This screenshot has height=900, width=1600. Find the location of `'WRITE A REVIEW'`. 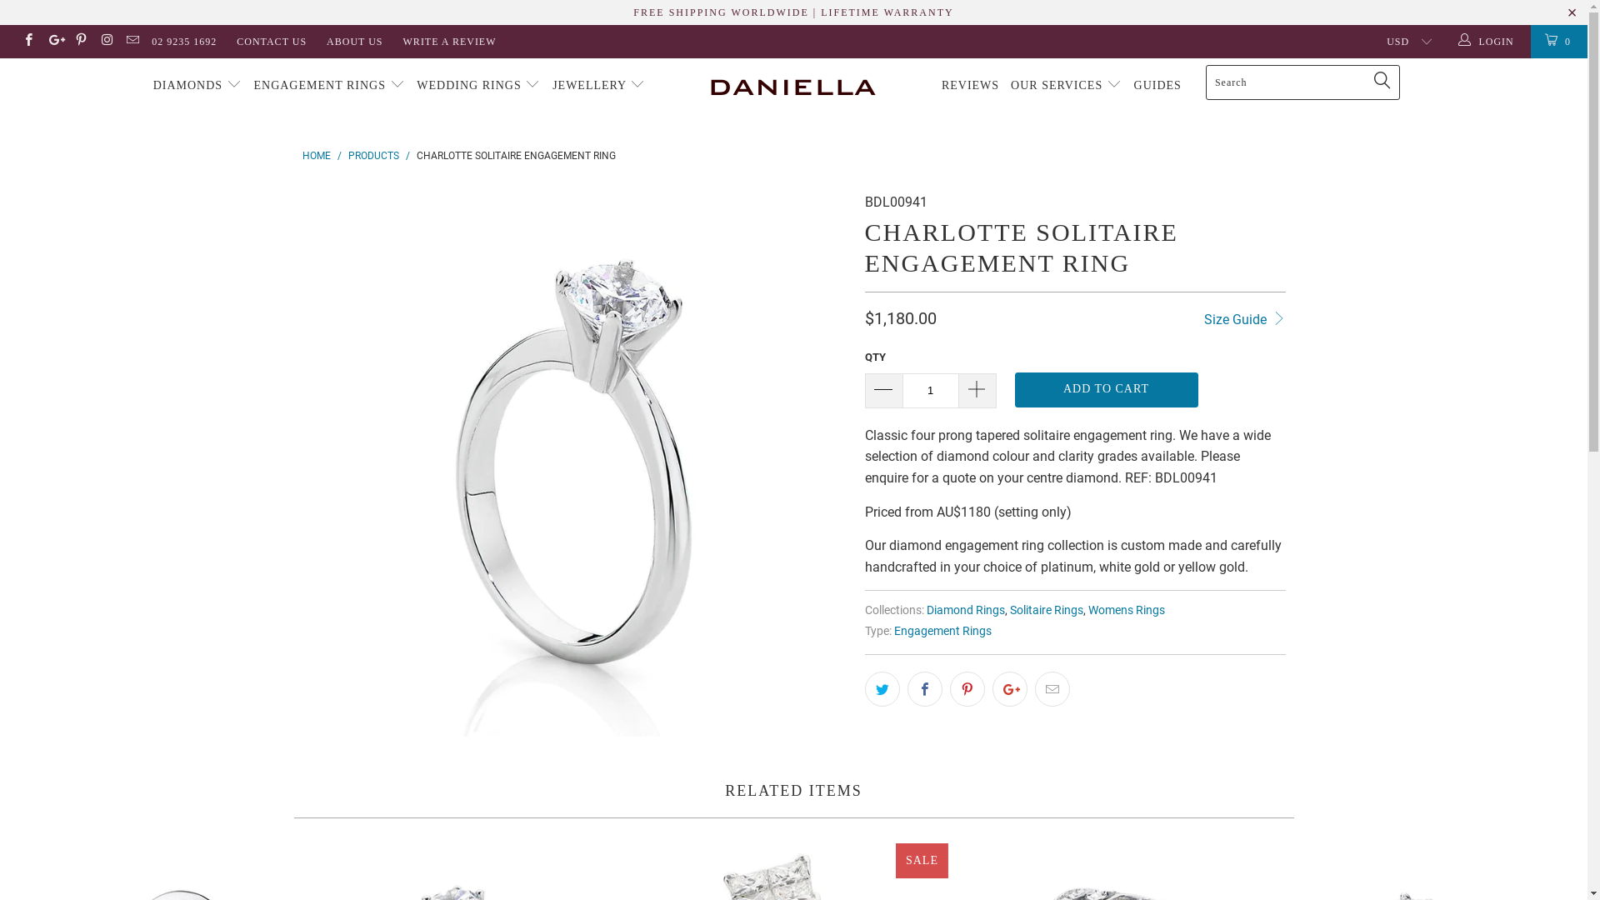

'WRITE A REVIEW' is located at coordinates (449, 41).